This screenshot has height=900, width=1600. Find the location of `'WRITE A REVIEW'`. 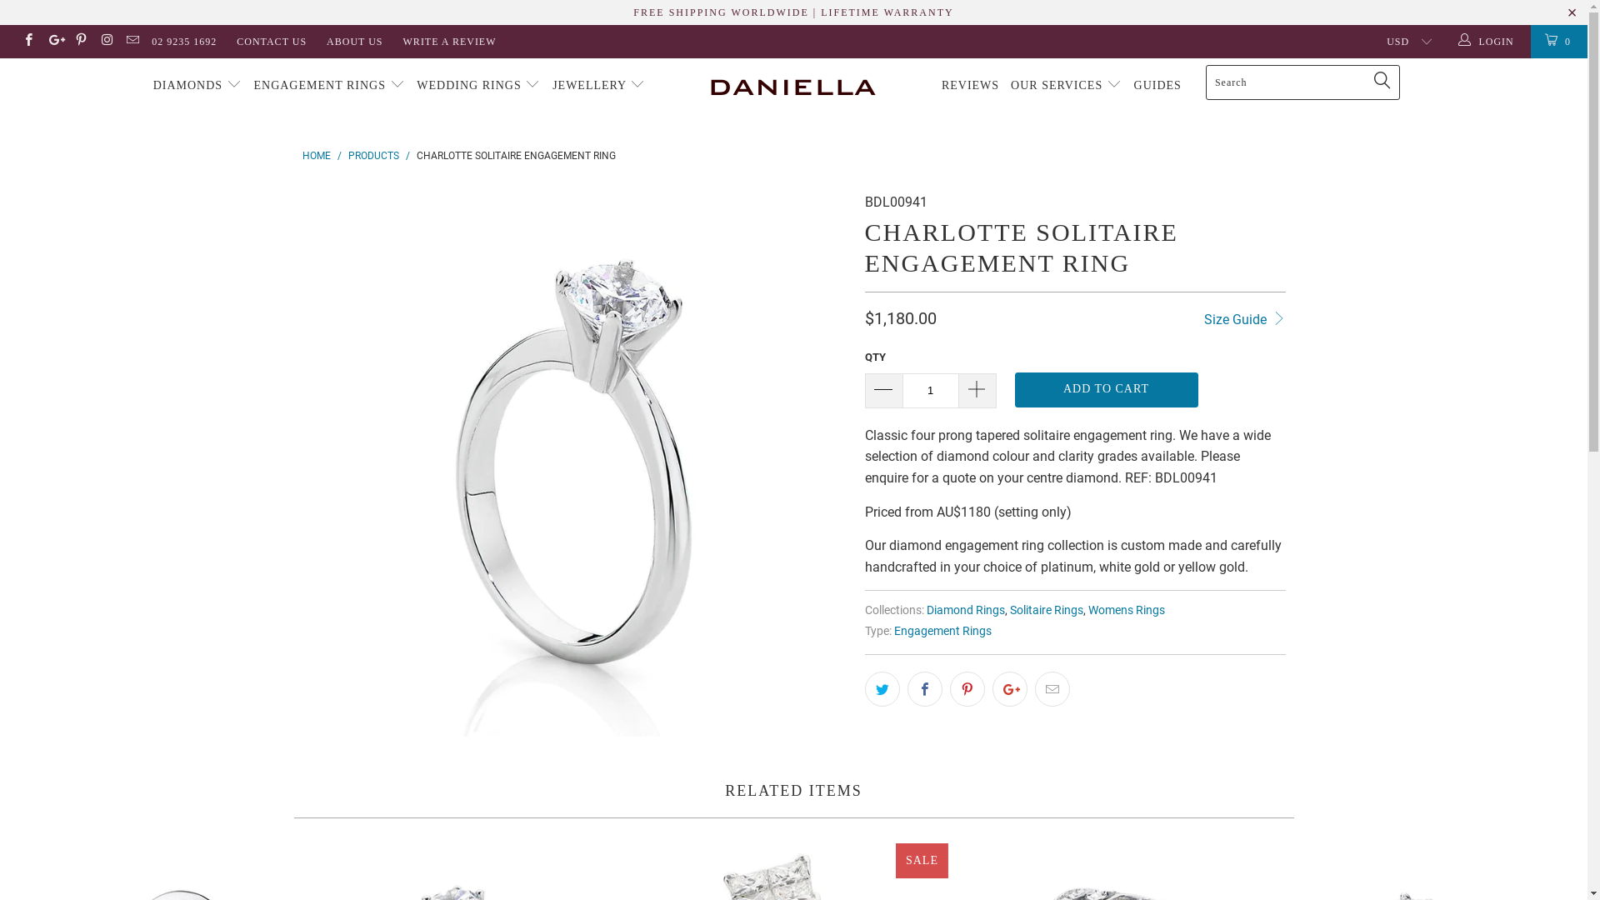

'WRITE A REVIEW' is located at coordinates (449, 41).